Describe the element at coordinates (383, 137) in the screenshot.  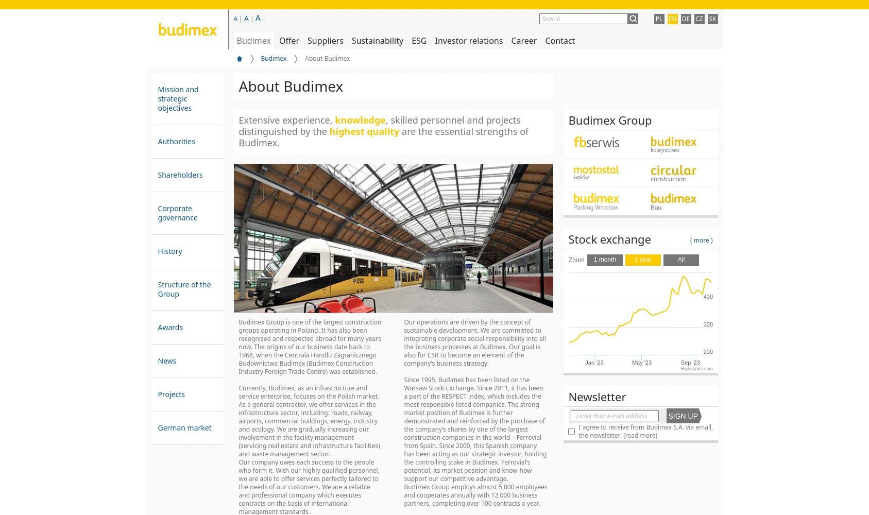
I see `'are the essential strengths of Budimex.'` at that location.